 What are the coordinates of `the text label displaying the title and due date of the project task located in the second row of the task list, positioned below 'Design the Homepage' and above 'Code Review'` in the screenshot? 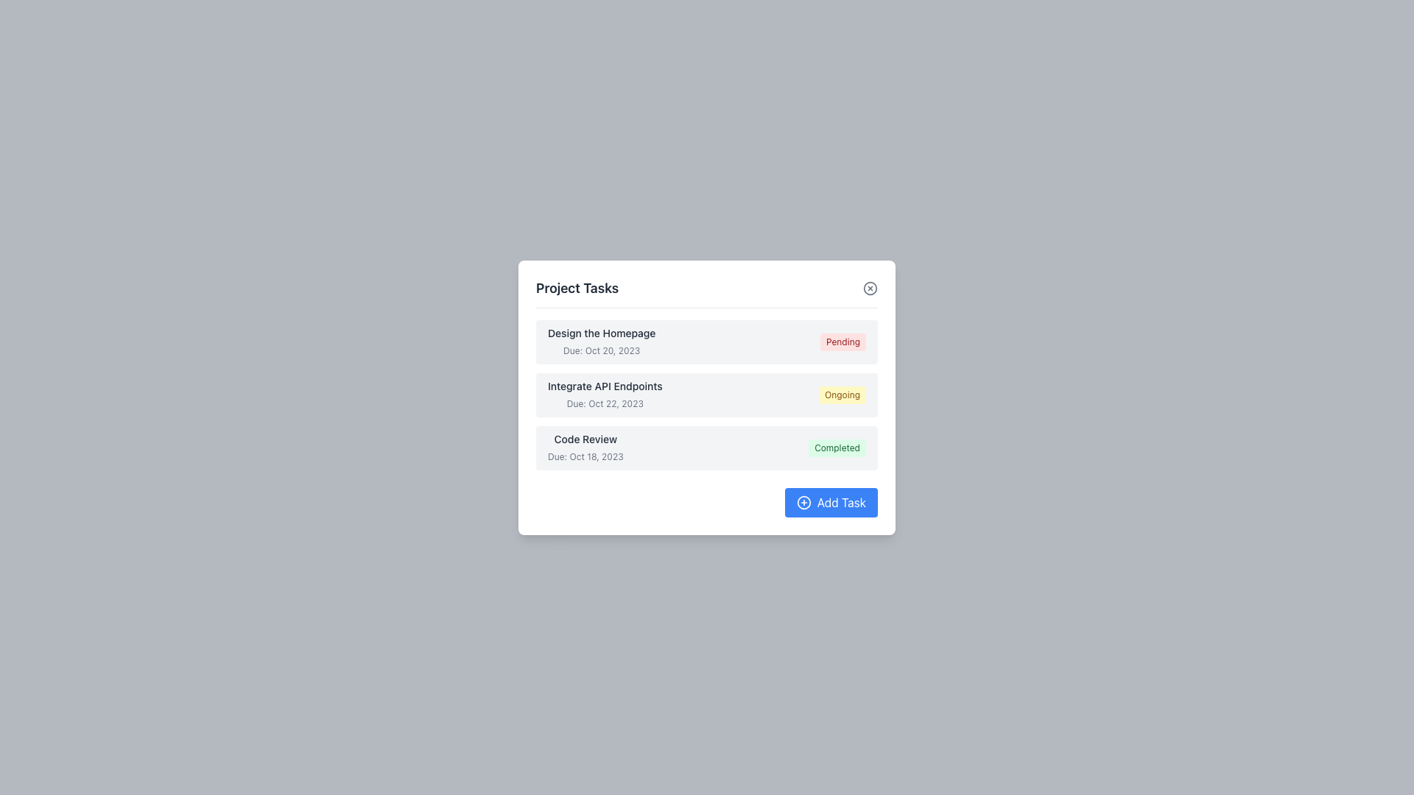 It's located at (605, 394).